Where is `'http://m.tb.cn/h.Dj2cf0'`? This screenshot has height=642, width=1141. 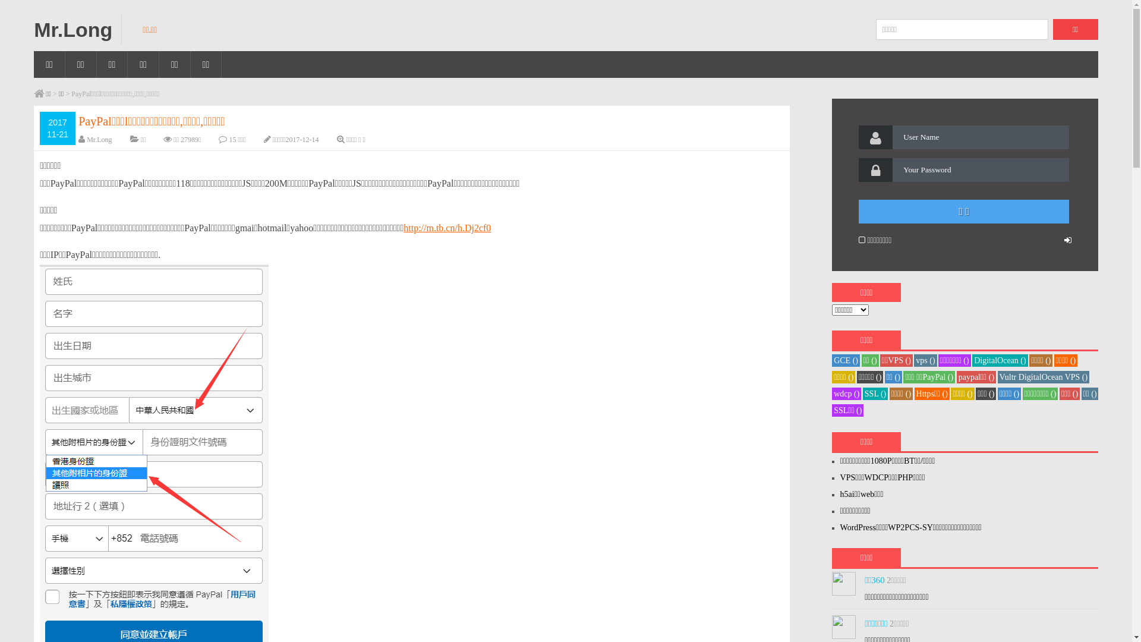 'http://m.tb.cn/h.Dj2cf0' is located at coordinates (446, 228).